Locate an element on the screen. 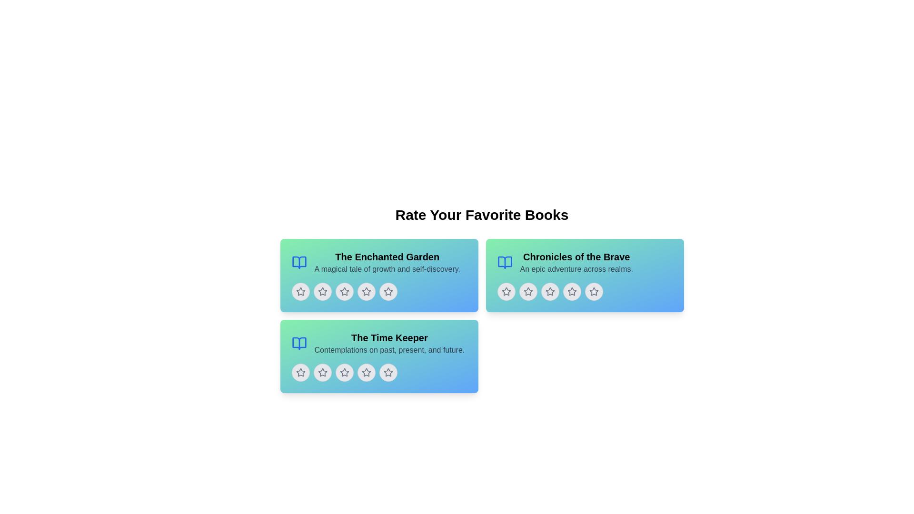  the star button in the Rating component under the book card titled 'The Time Keeper' is located at coordinates (378, 372).